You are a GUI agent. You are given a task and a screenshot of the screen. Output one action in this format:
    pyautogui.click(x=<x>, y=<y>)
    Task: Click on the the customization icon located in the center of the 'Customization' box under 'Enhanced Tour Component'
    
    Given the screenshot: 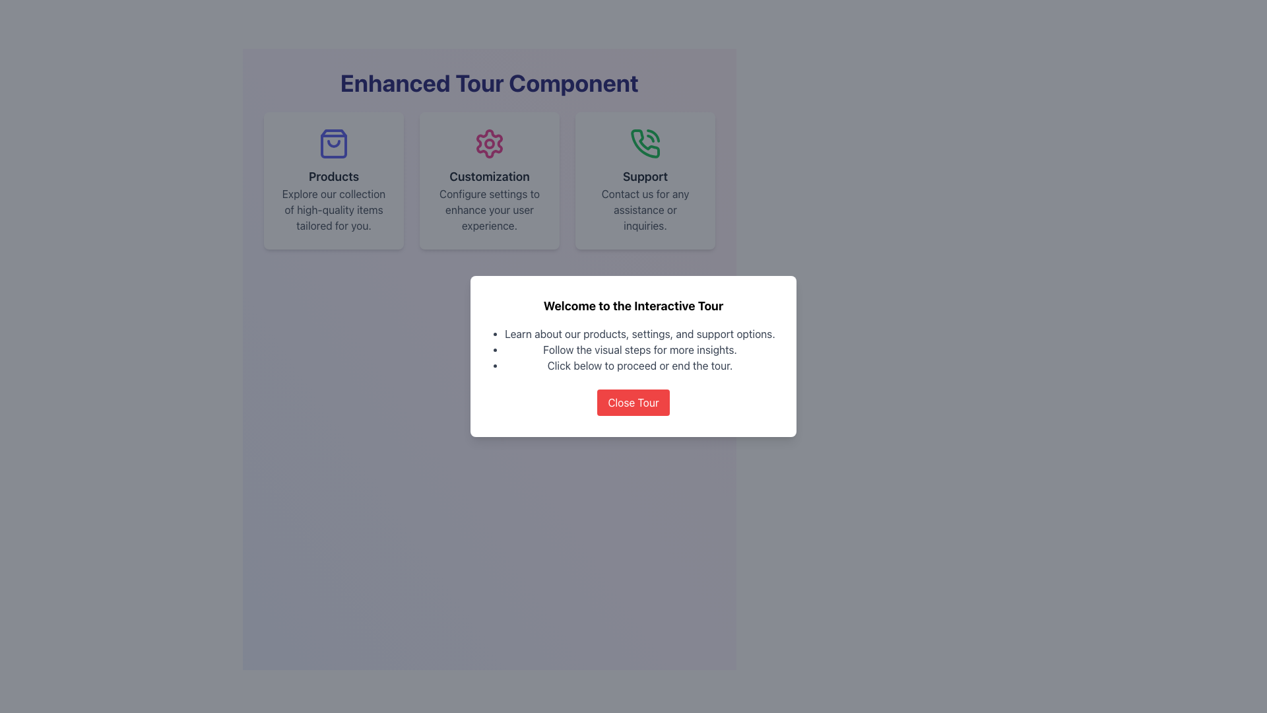 What is the action you would take?
    pyautogui.click(x=489, y=144)
    